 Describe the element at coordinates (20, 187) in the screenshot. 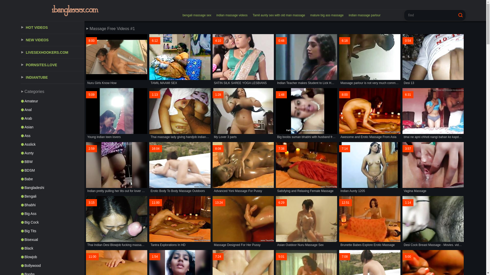

I see `'Bangladeshi'` at that location.